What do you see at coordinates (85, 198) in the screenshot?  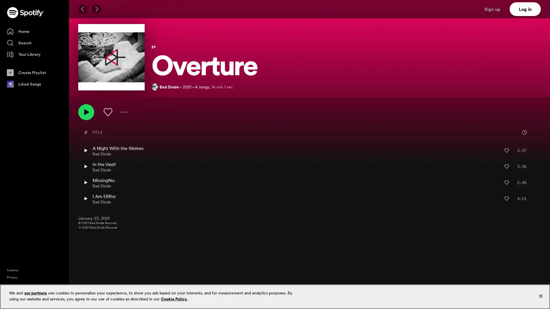 I see `Play I Am ERRor by Bad Diode` at bounding box center [85, 198].